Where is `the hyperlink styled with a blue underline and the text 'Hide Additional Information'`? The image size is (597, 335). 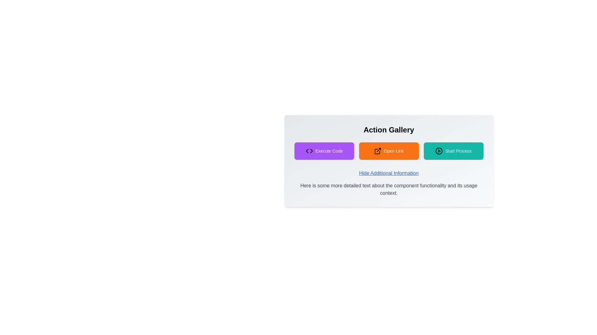 the hyperlink styled with a blue underline and the text 'Hide Additional Information' is located at coordinates (388, 173).